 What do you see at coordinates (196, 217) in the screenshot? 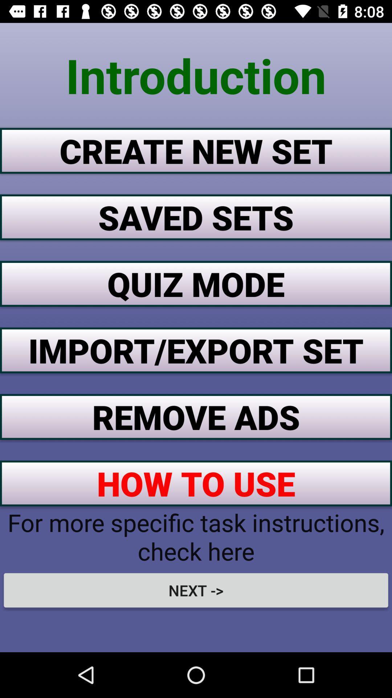
I see `the item above quiz mode button` at bounding box center [196, 217].